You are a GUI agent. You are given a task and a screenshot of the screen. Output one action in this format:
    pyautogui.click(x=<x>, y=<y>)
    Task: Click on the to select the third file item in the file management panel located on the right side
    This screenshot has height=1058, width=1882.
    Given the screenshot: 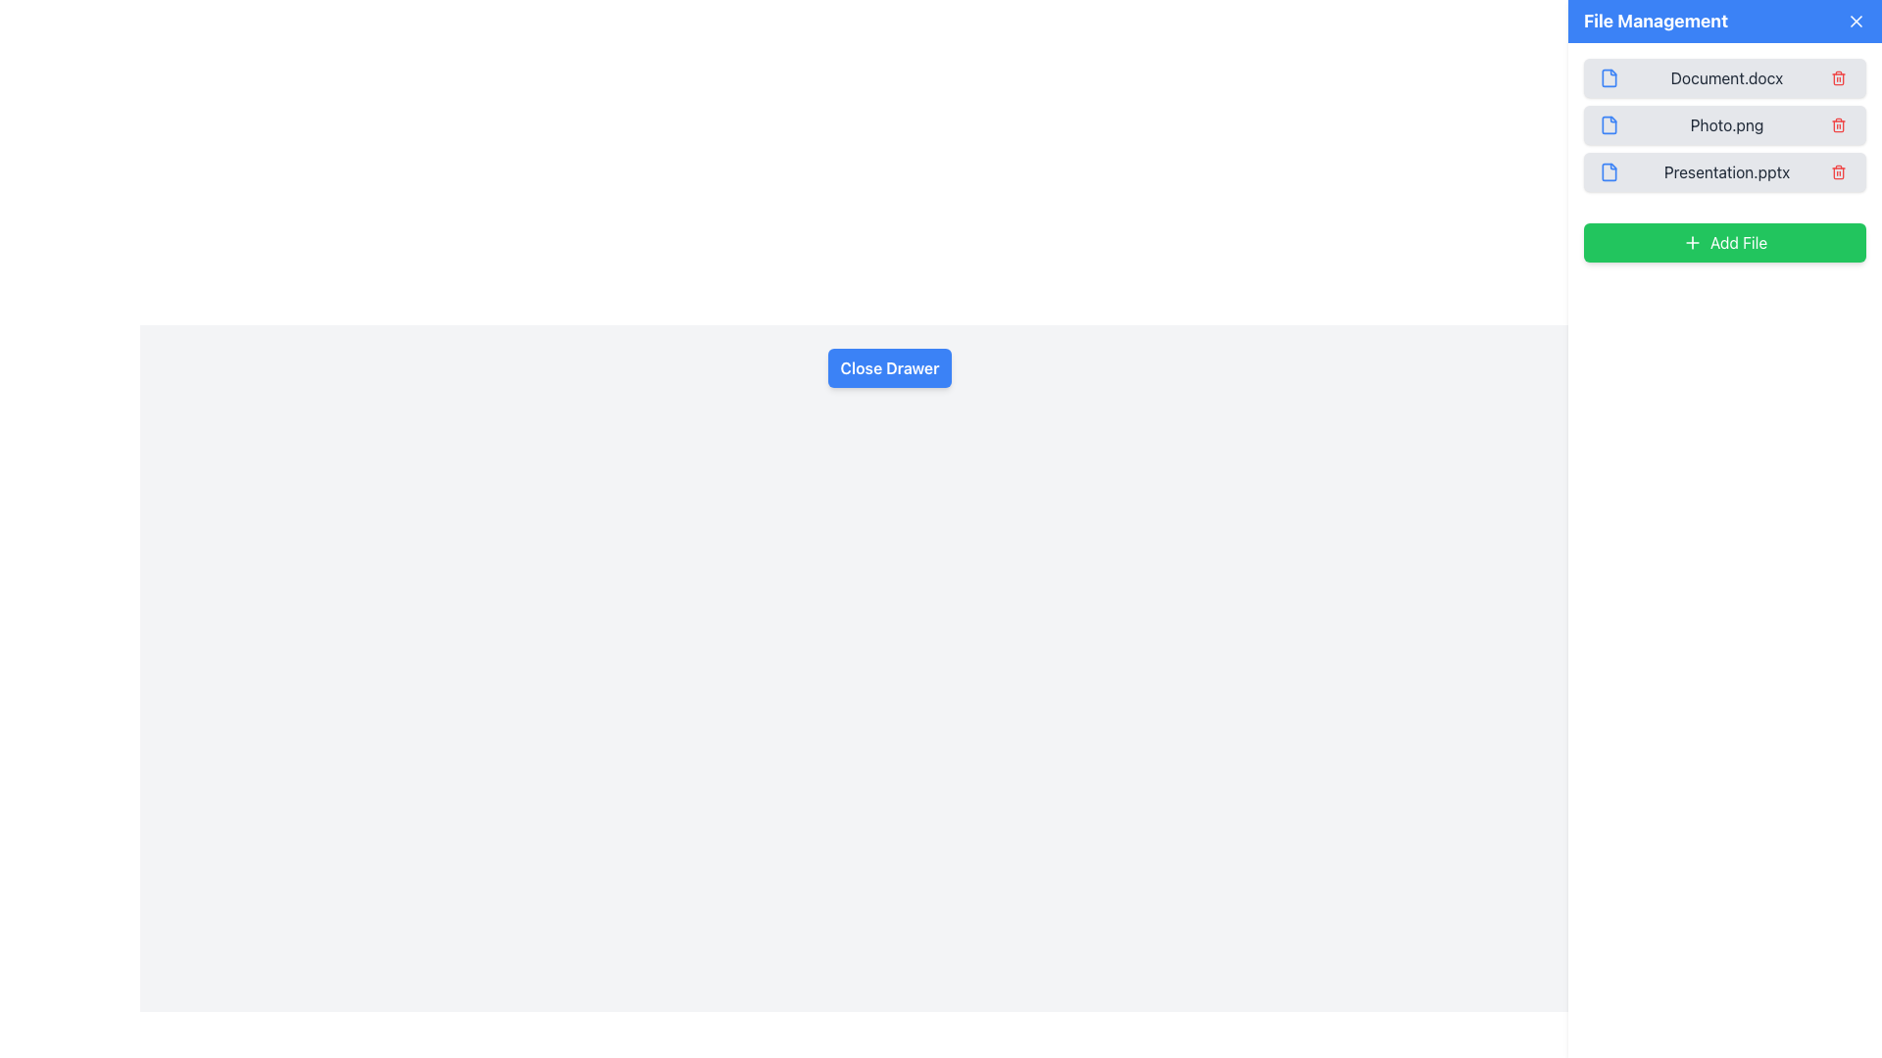 What is the action you would take?
    pyautogui.click(x=1725, y=171)
    